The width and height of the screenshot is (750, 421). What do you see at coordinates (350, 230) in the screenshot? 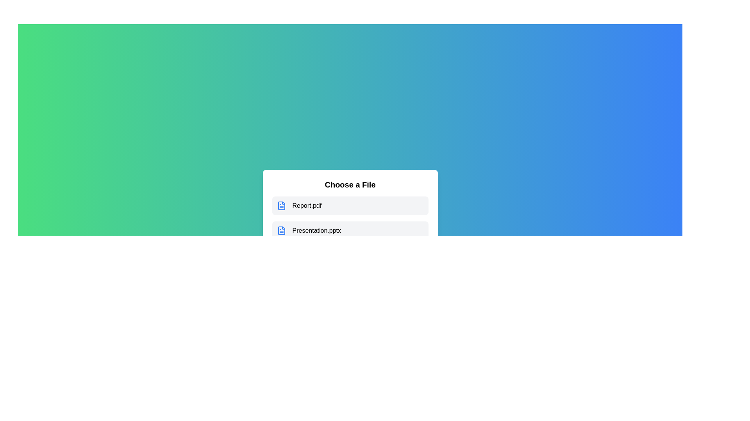
I see `the file Presentation.pptx to observe its hover effect` at bounding box center [350, 230].